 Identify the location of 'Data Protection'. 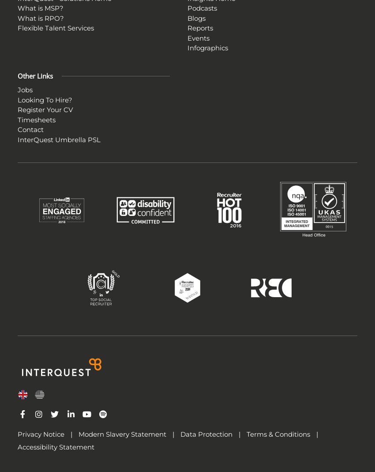
(206, 434).